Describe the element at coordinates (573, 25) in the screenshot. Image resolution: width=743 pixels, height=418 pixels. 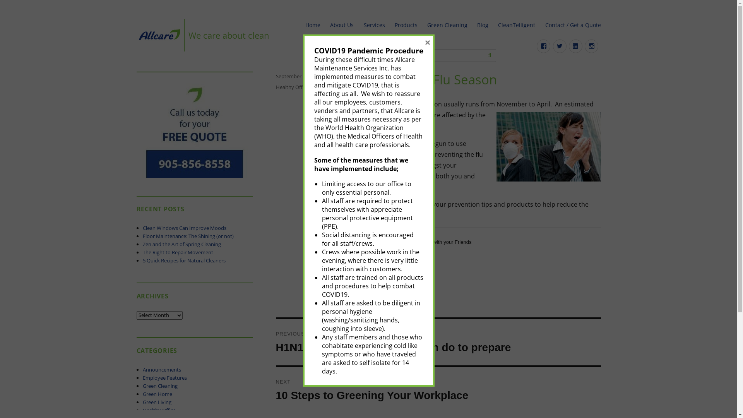
I see `'Contact / Get a Quote'` at that location.